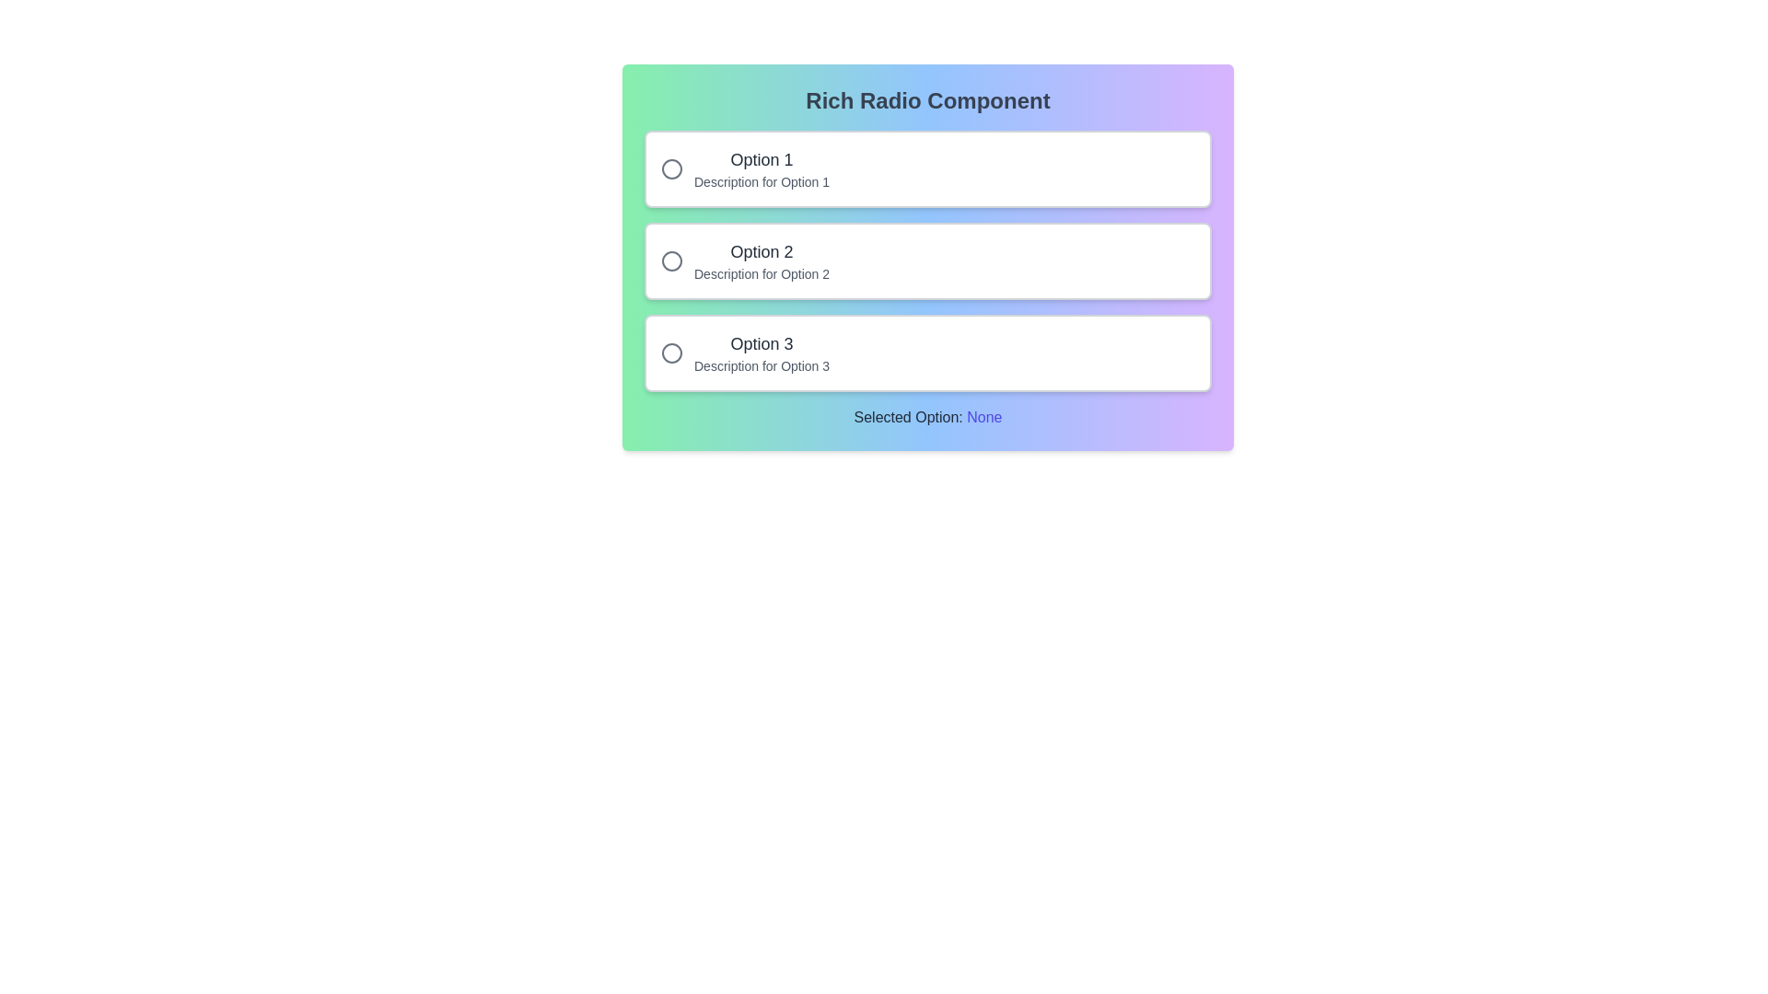  Describe the element at coordinates (670, 353) in the screenshot. I see `the radio button for 'Option 3' which is positioned to the left of the text in the third section of a vertical list` at that location.